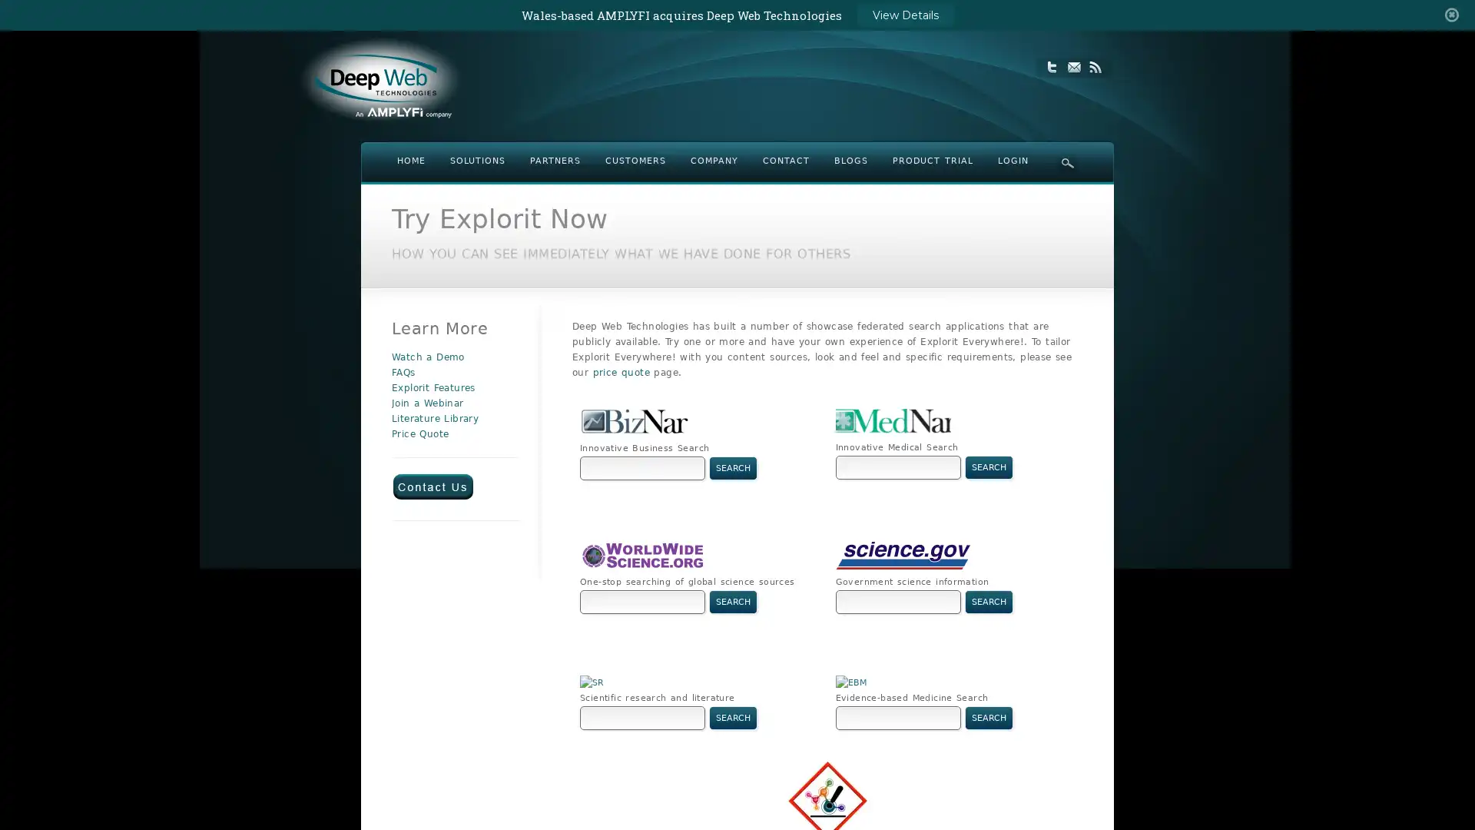  I want to click on Search, so click(988, 717).